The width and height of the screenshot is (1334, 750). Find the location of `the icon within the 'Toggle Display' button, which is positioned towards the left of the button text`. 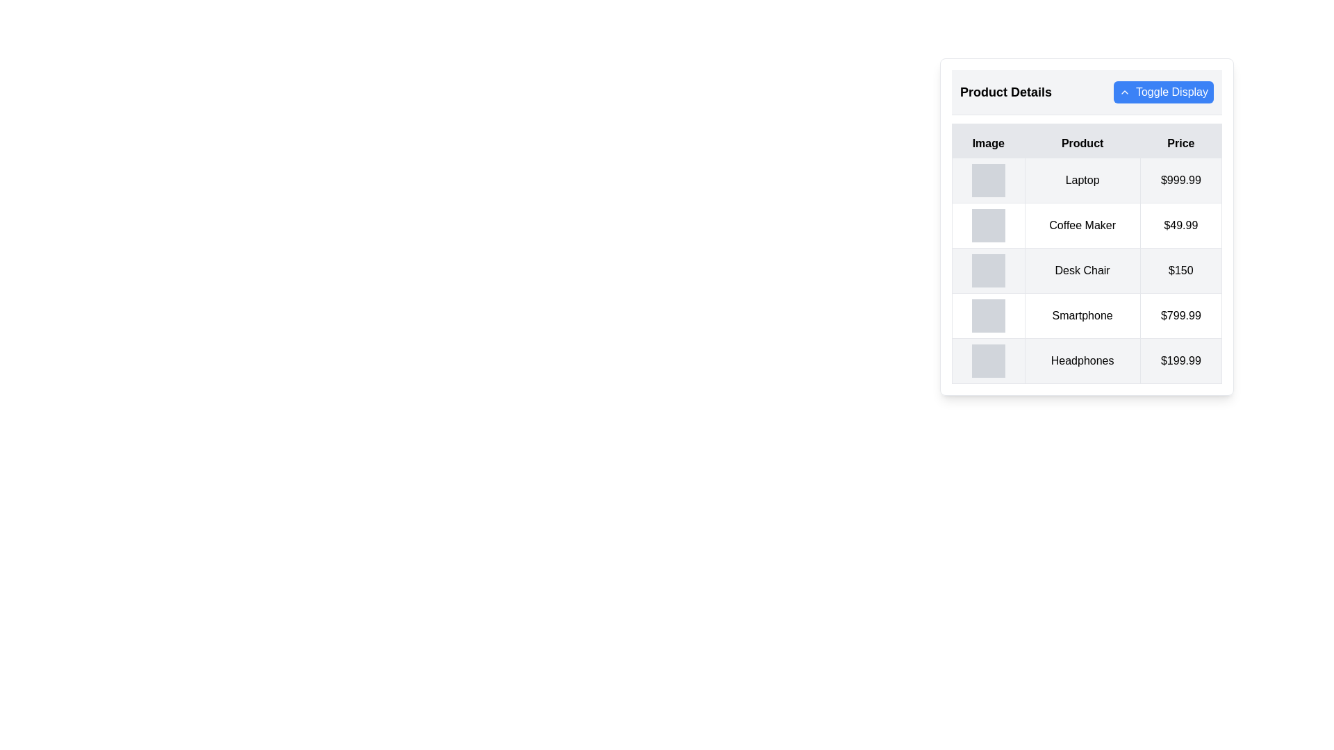

the icon within the 'Toggle Display' button, which is positioned towards the left of the button text is located at coordinates (1124, 92).